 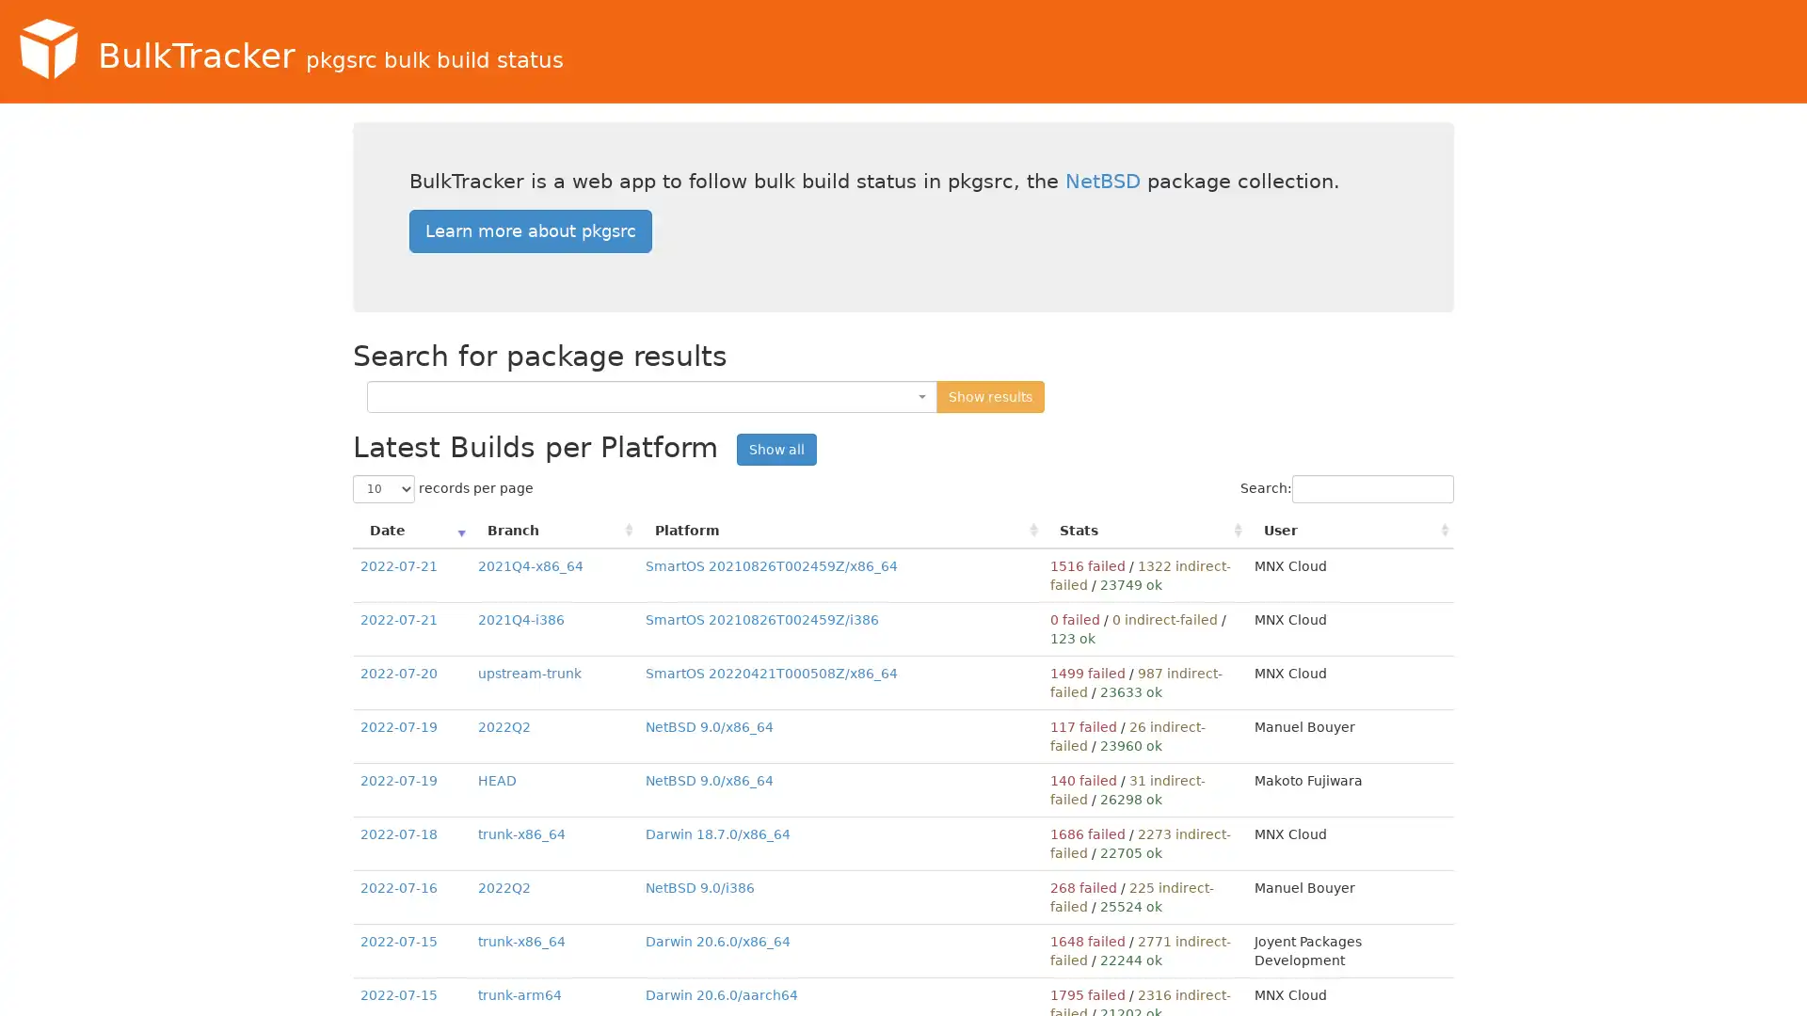 What do you see at coordinates (530, 230) in the screenshot?
I see `Learn more about pkgsrc` at bounding box center [530, 230].